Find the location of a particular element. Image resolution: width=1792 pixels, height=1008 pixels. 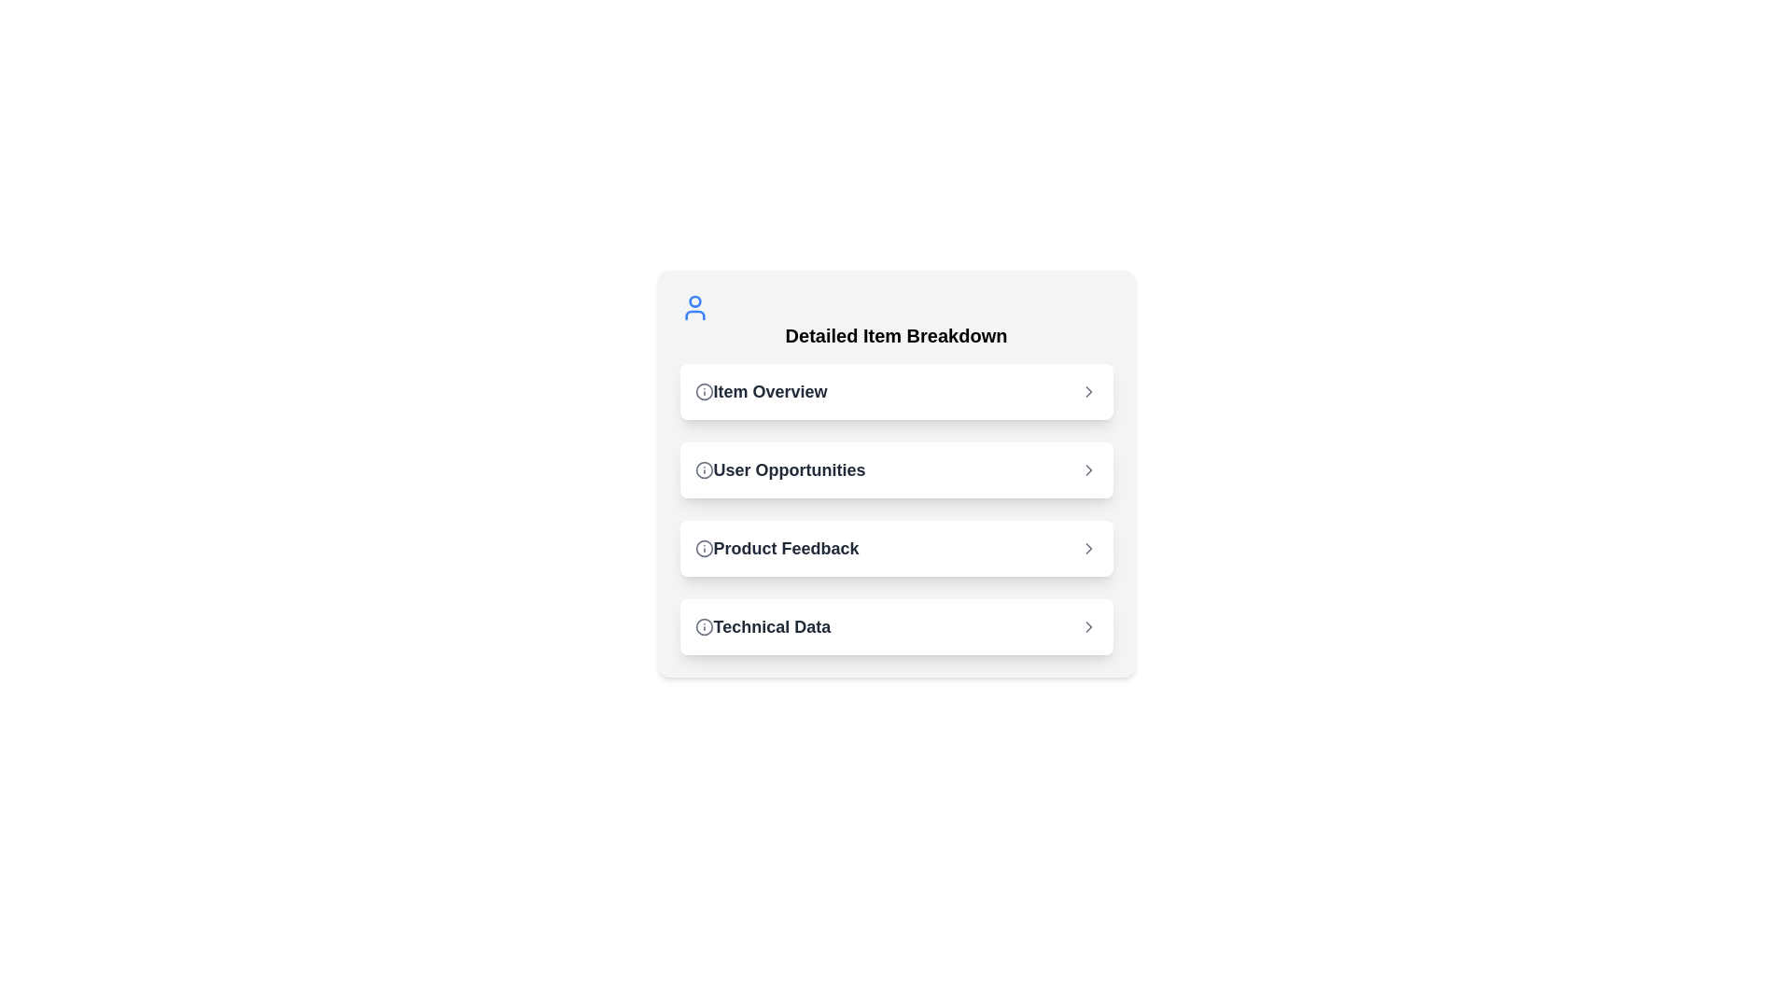

the 'Product Feedback' button located in the 'Detailed Item Breakdown' section is located at coordinates (896, 547).